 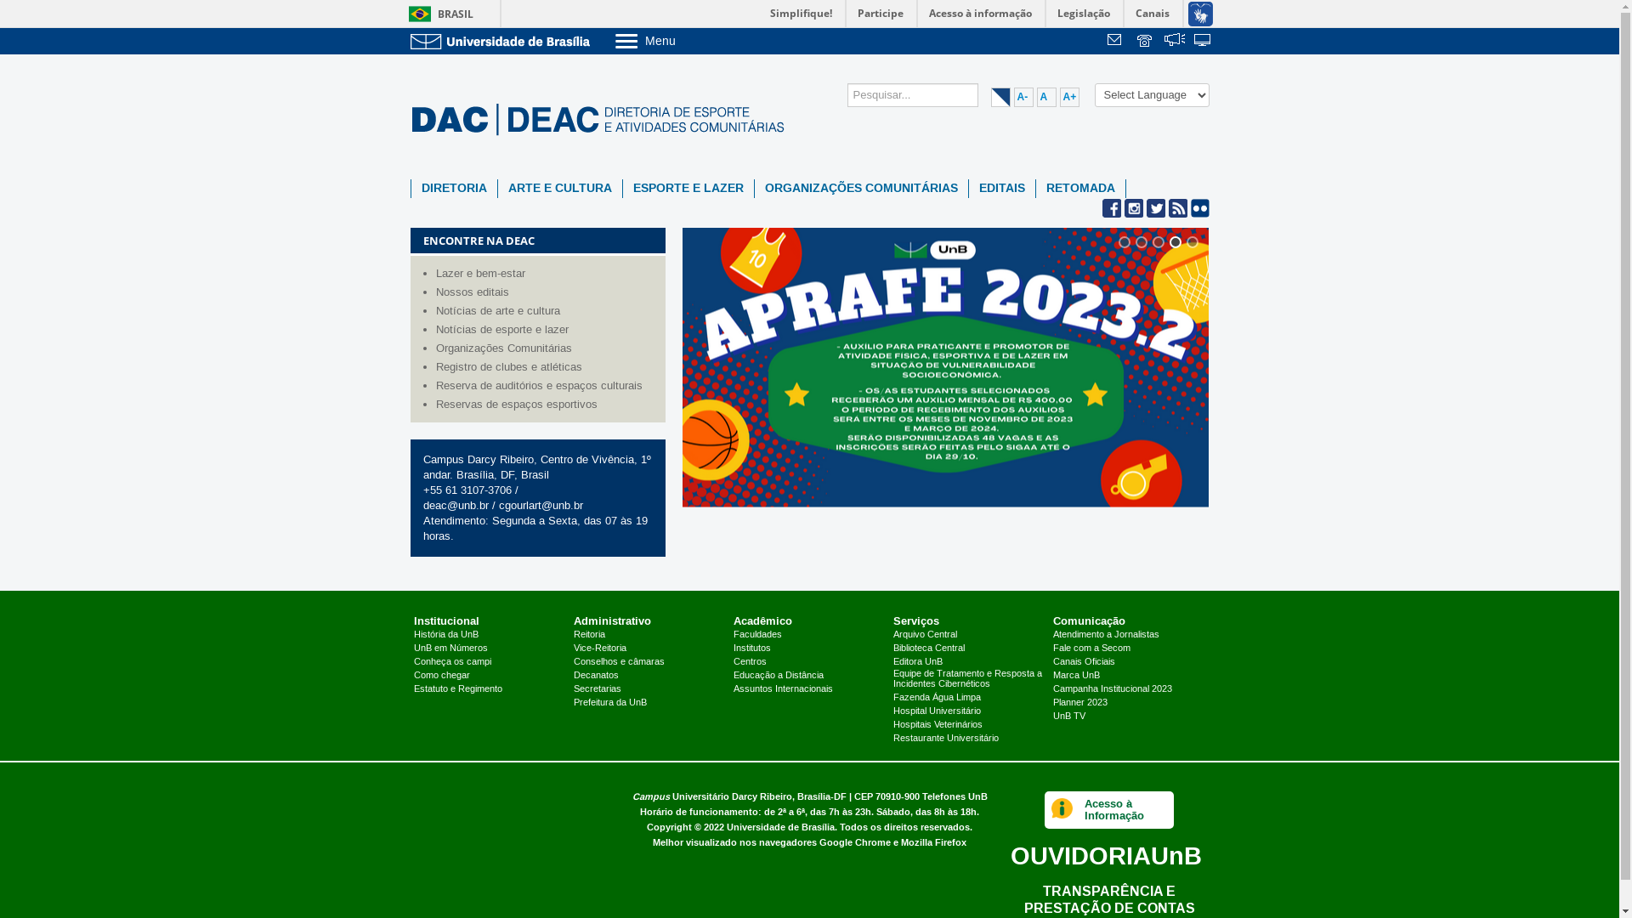 What do you see at coordinates (1117, 41) in the screenshot?
I see `'Webmail'` at bounding box center [1117, 41].